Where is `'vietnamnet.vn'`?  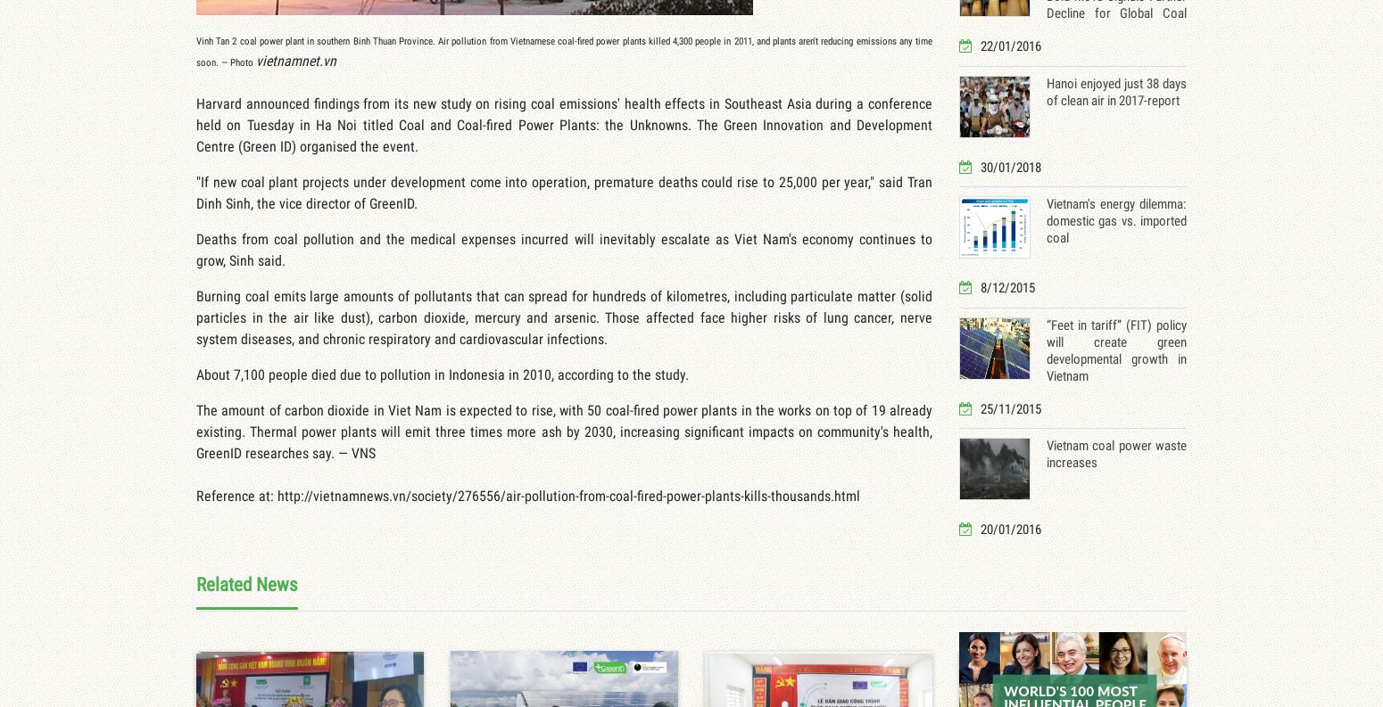
'vietnamnet.vn' is located at coordinates (295, 60).